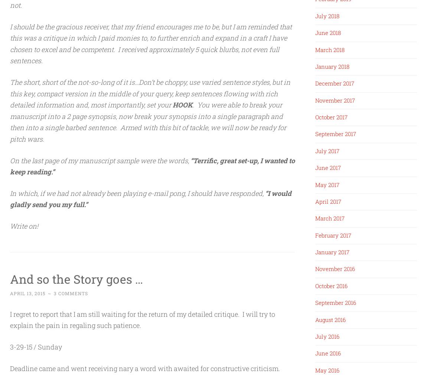  I want to click on 'November 2016', so click(335, 268).